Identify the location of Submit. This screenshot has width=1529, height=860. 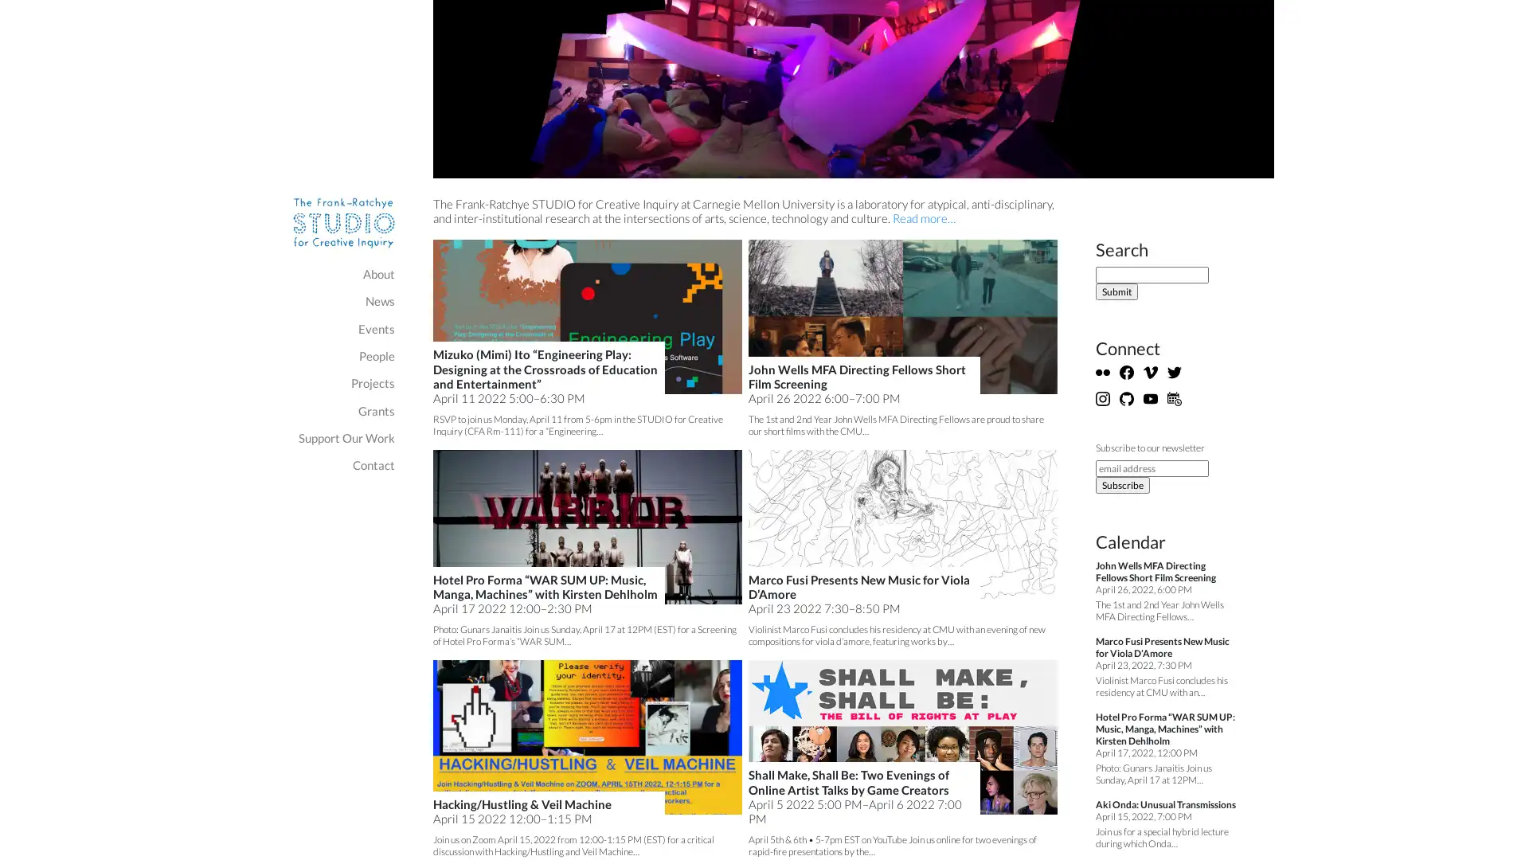
(1116, 291).